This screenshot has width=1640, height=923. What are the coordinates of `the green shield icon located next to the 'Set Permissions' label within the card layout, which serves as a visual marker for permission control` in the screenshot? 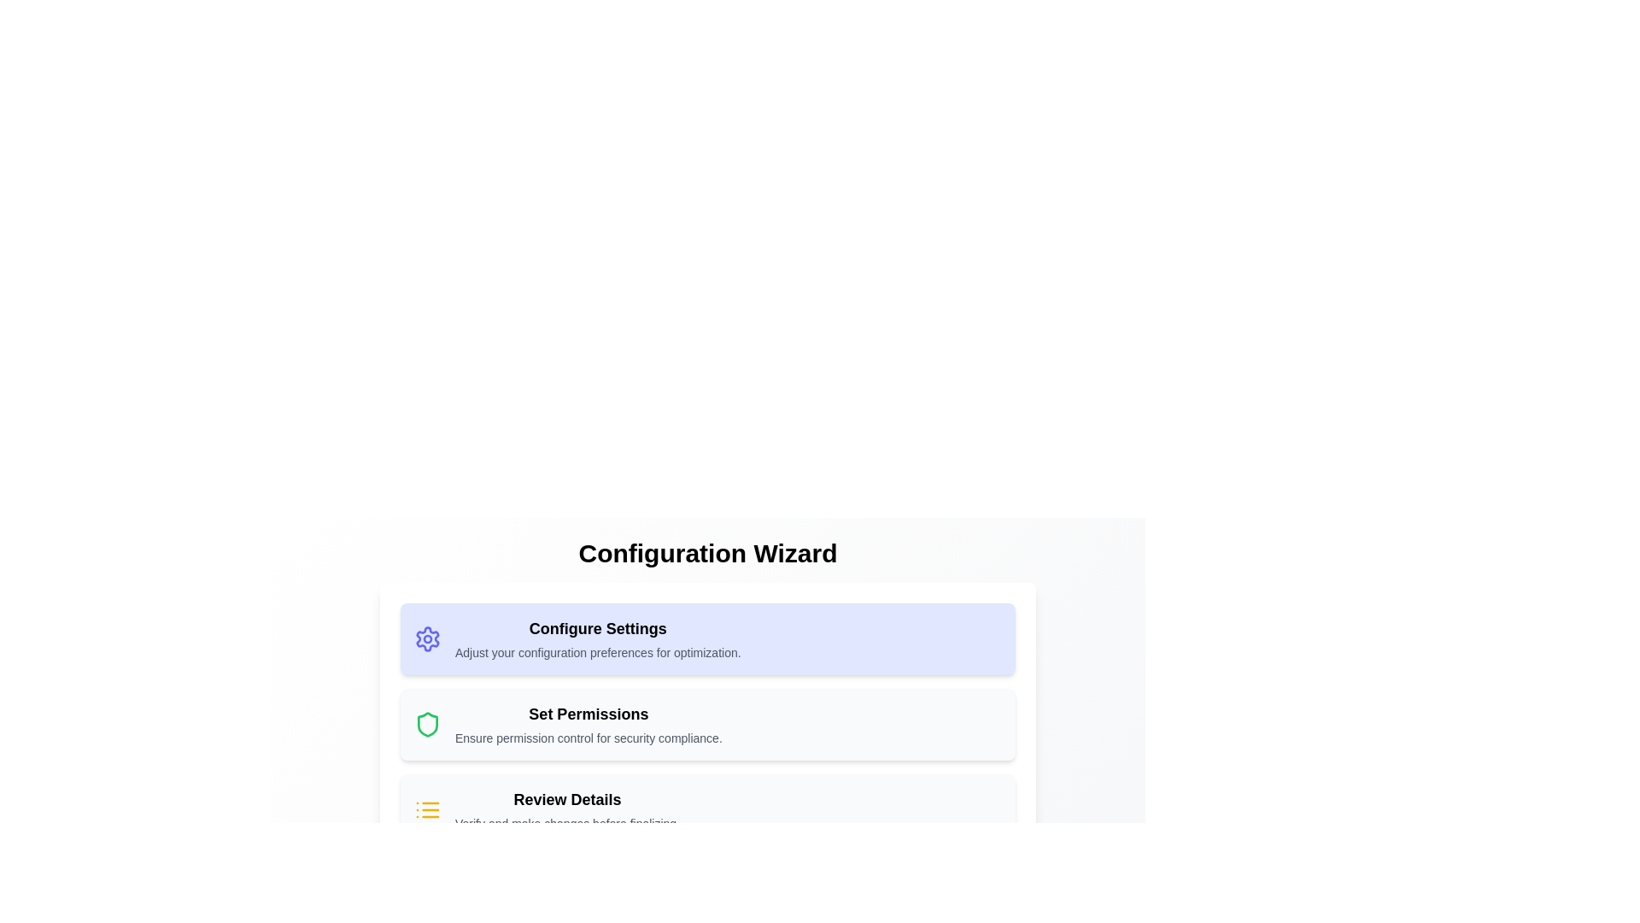 It's located at (427, 725).